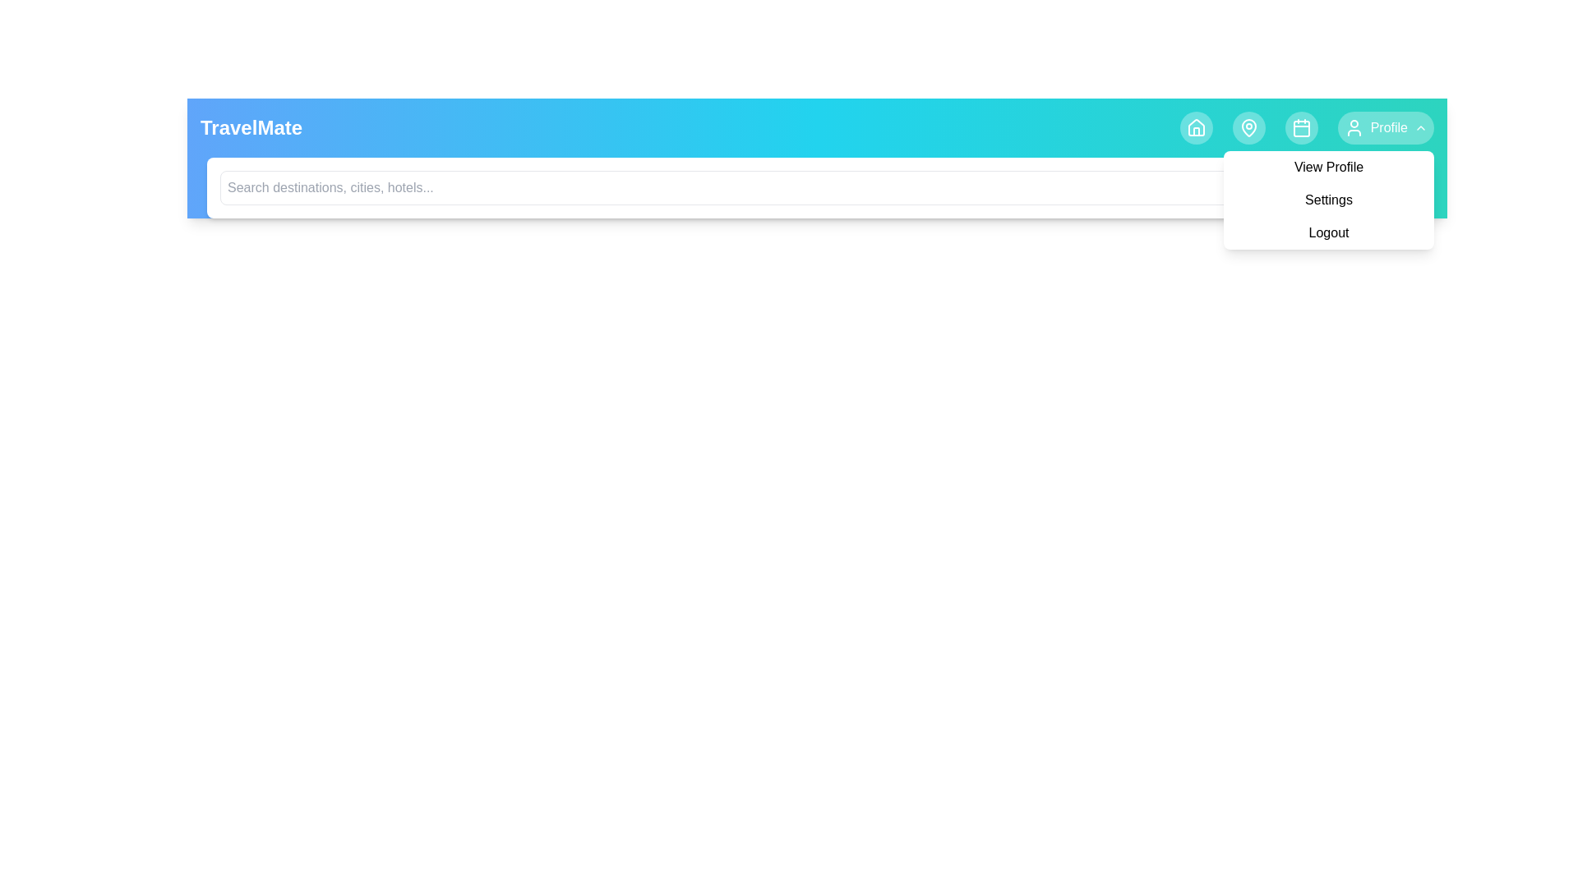 This screenshot has height=887, width=1578. Describe the element at coordinates (1248, 126) in the screenshot. I see `the Map navigation icon` at that location.